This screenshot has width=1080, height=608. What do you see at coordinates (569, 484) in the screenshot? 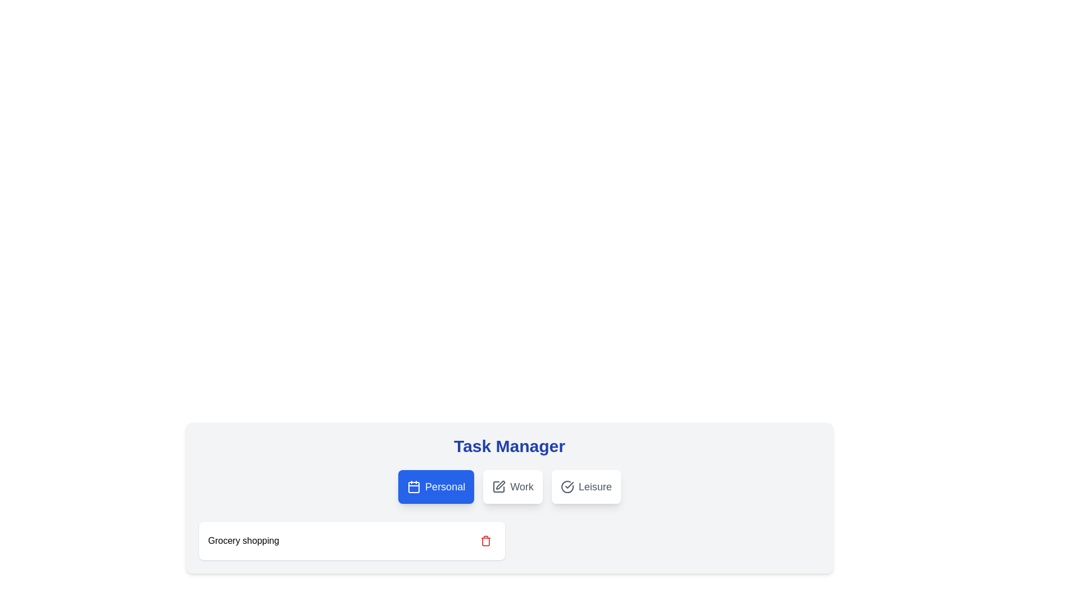
I see `the inner checkmark graphic of the circular checkmark icon, which indicates confirmation or selection, located near the 'Leisure' button` at bounding box center [569, 484].